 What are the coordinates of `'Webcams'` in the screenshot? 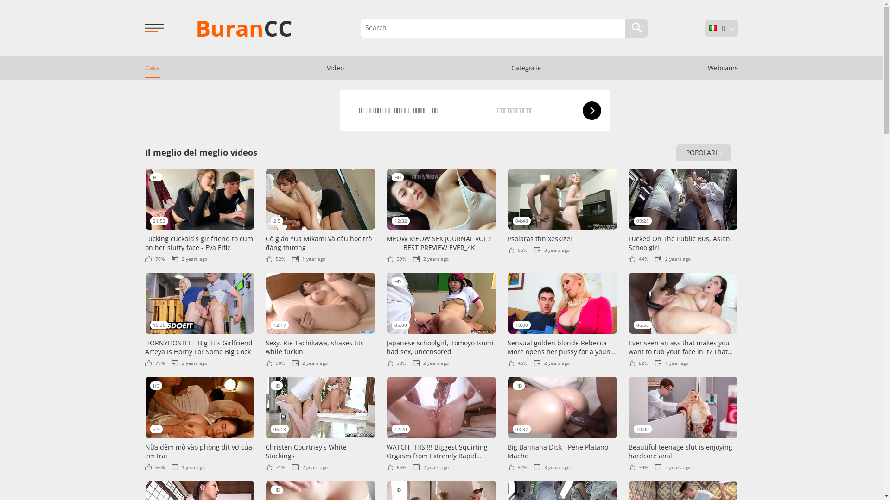 It's located at (722, 67).